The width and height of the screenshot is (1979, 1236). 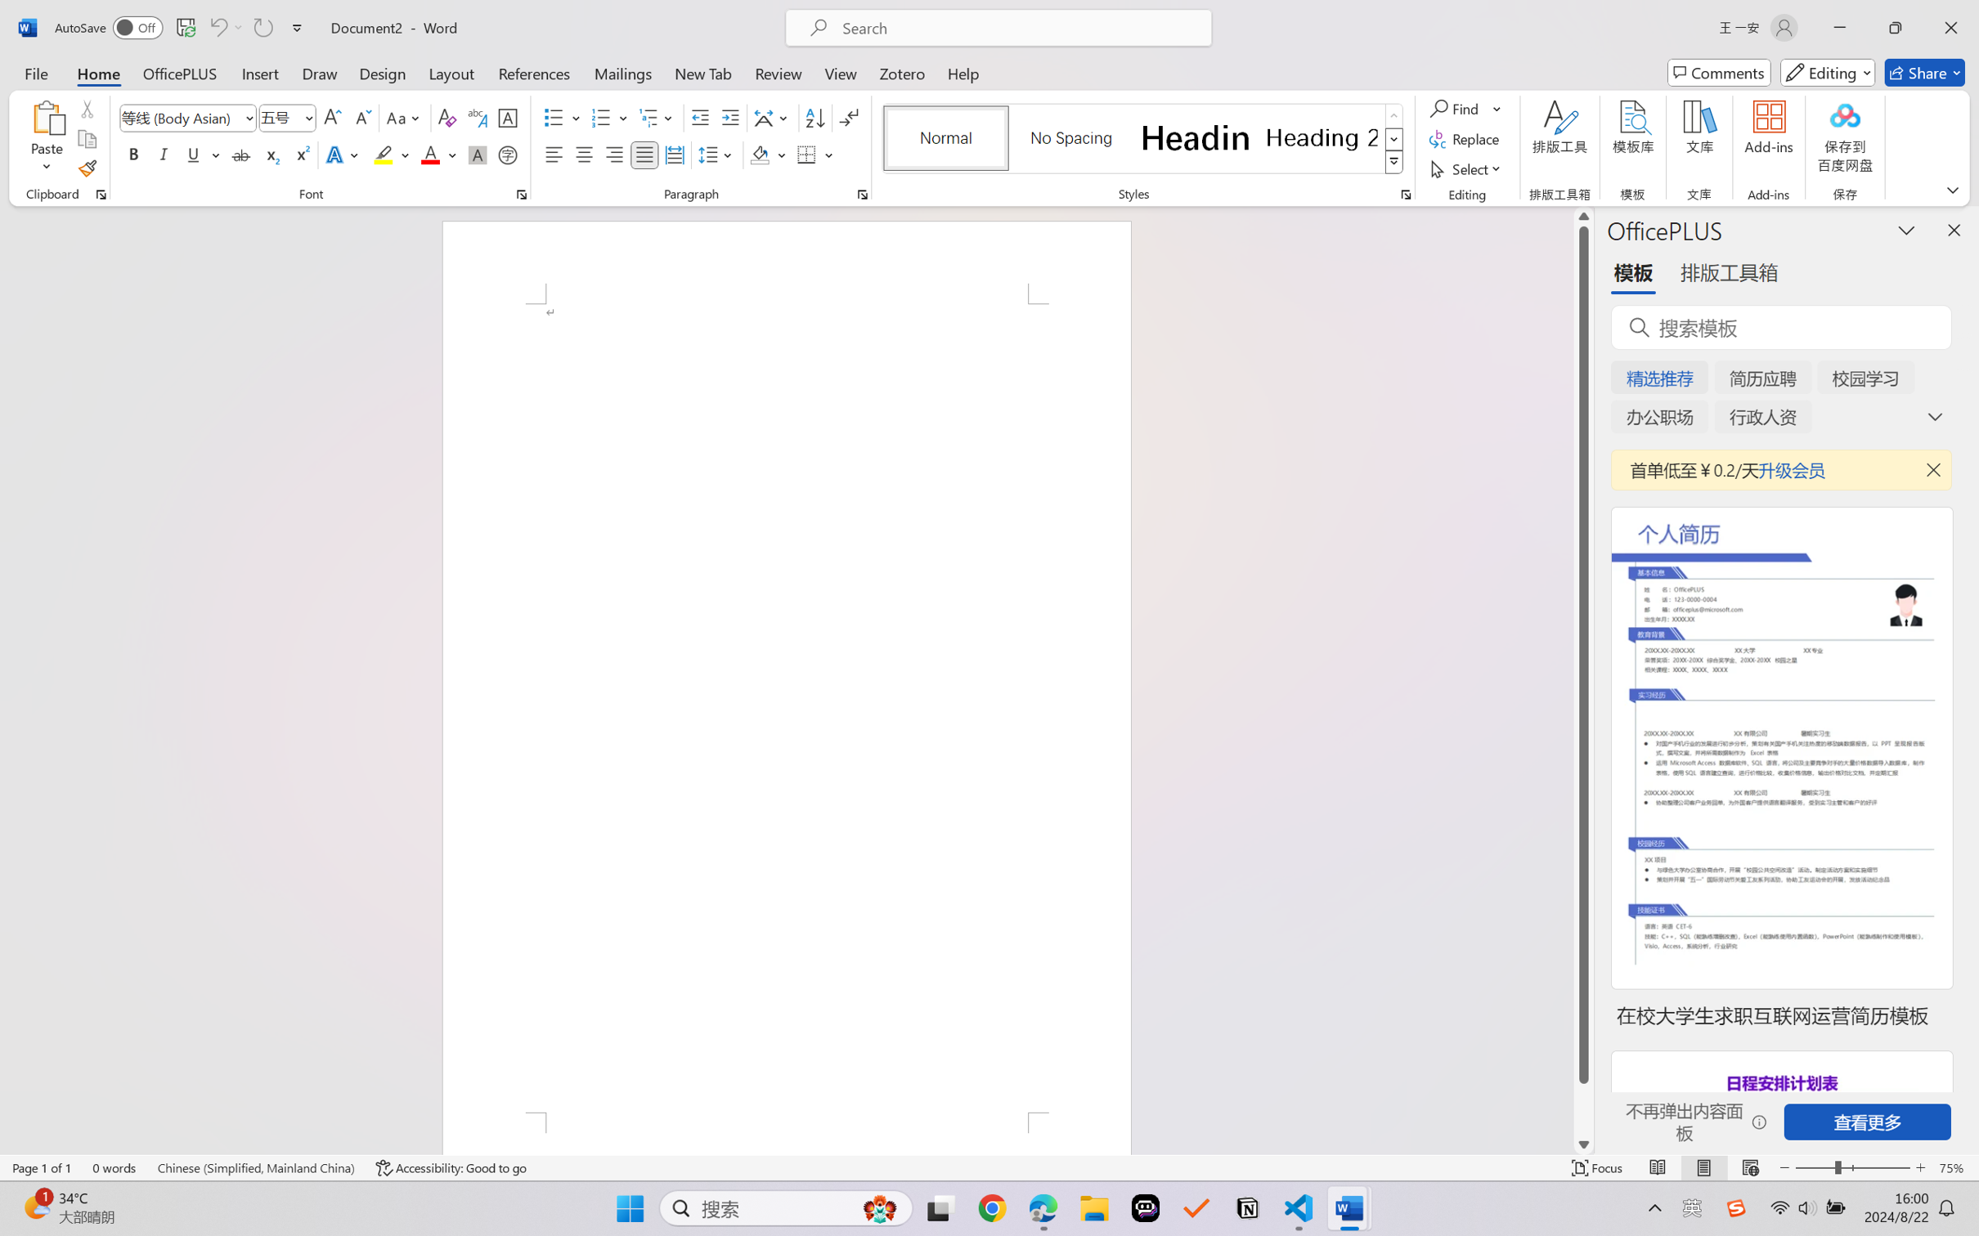 I want to click on 'Find', so click(x=1465, y=107).